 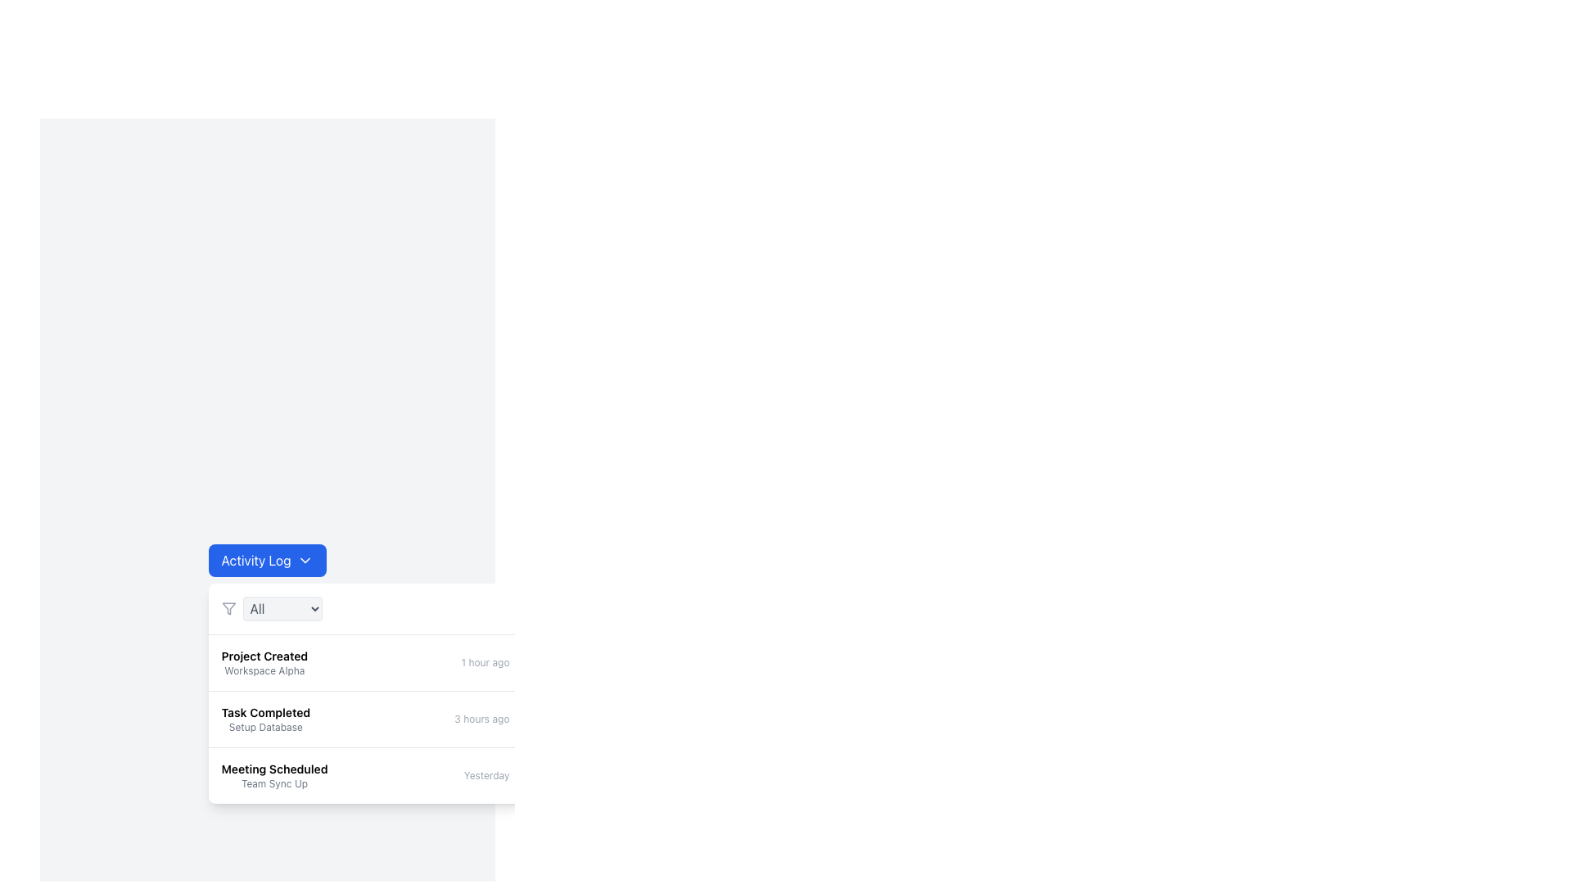 What do you see at coordinates (274, 783) in the screenshot?
I see `the static text element reading 'Team Sync Up', which is styled in a small font size and light gray color, located below the 'Meeting Scheduled' text in the activity log list` at bounding box center [274, 783].